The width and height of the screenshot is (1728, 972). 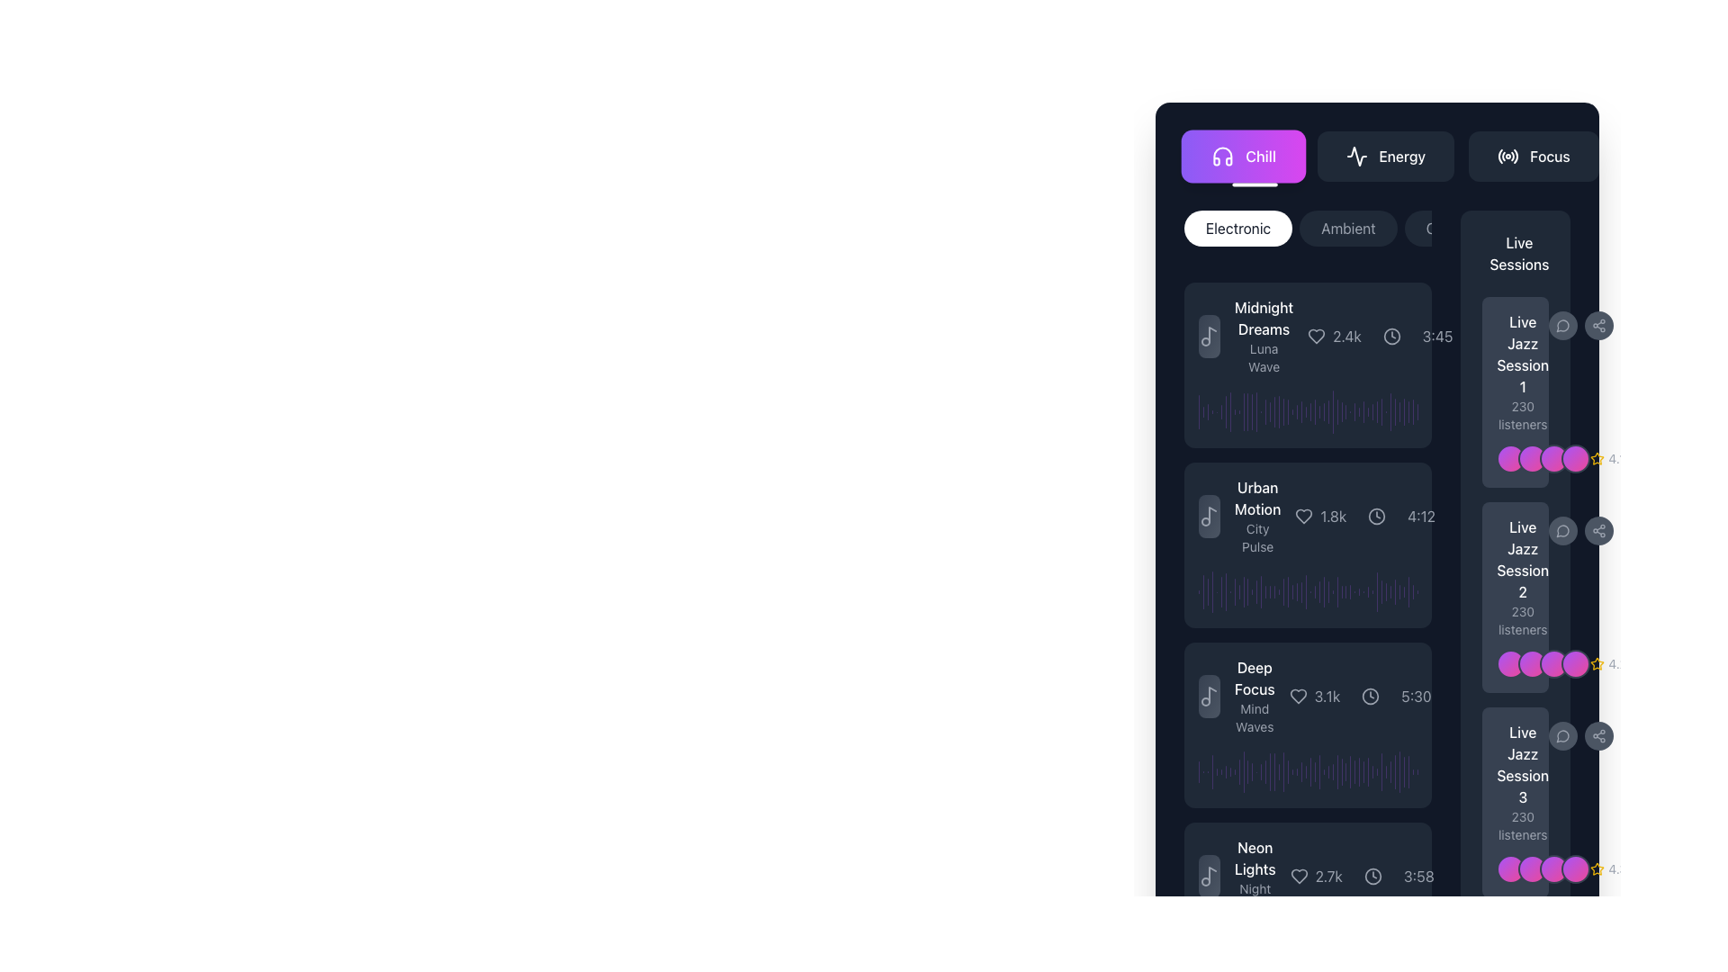 I want to click on informational block displaying '2.4k' likes and '3:45' duration, positioned below the song title and artist information, so click(x=1379, y=337).